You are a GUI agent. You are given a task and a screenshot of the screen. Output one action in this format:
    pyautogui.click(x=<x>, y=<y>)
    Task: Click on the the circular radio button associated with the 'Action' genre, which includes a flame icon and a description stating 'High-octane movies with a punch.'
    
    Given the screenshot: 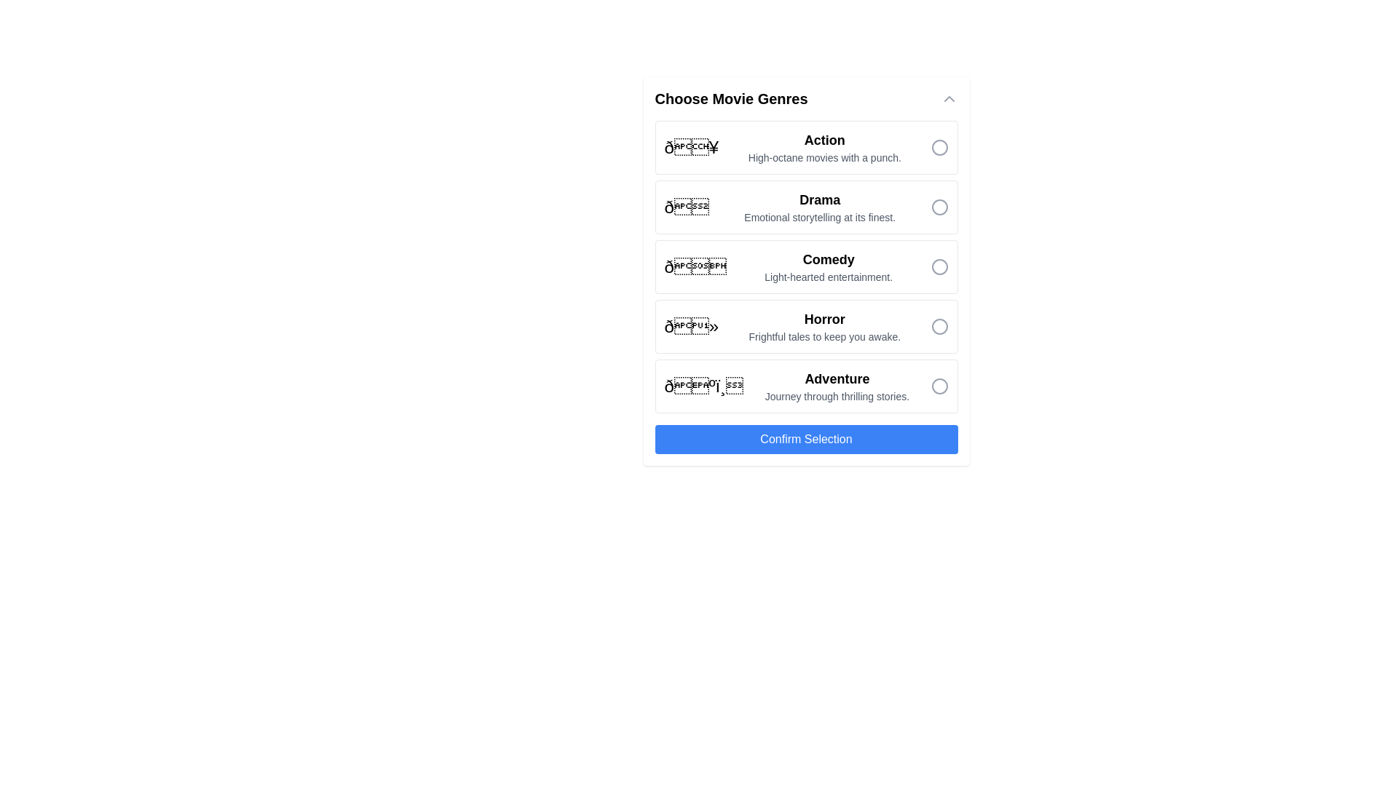 What is the action you would take?
    pyautogui.click(x=805, y=148)
    